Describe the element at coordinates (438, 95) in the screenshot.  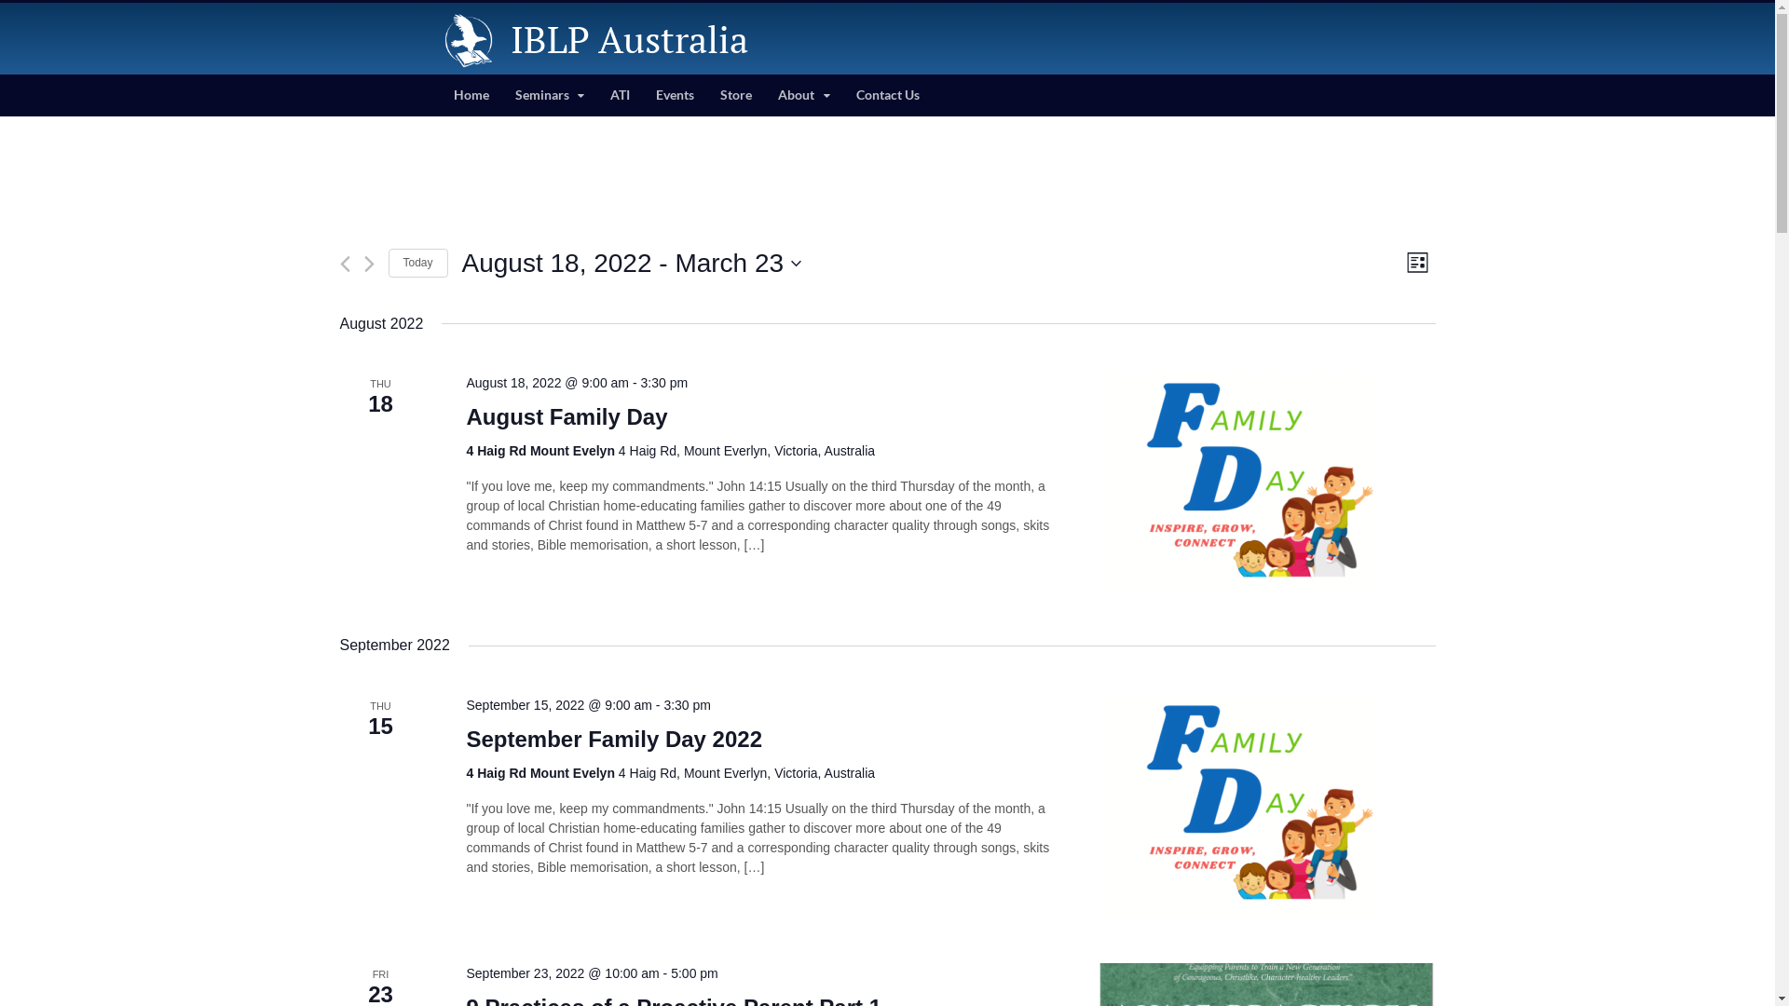
I see `'Home'` at that location.